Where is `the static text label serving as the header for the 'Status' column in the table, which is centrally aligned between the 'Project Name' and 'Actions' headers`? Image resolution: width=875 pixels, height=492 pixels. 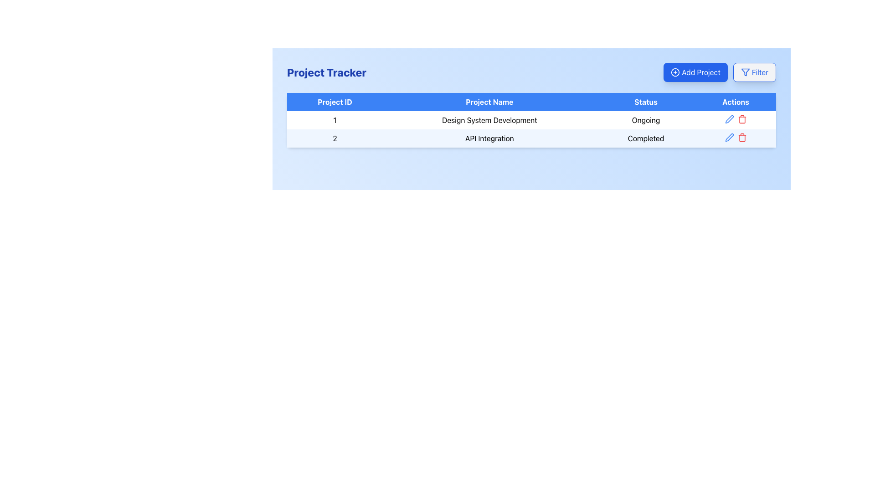 the static text label serving as the header for the 'Status' column in the table, which is centrally aligned between the 'Project Name' and 'Actions' headers is located at coordinates (645, 102).